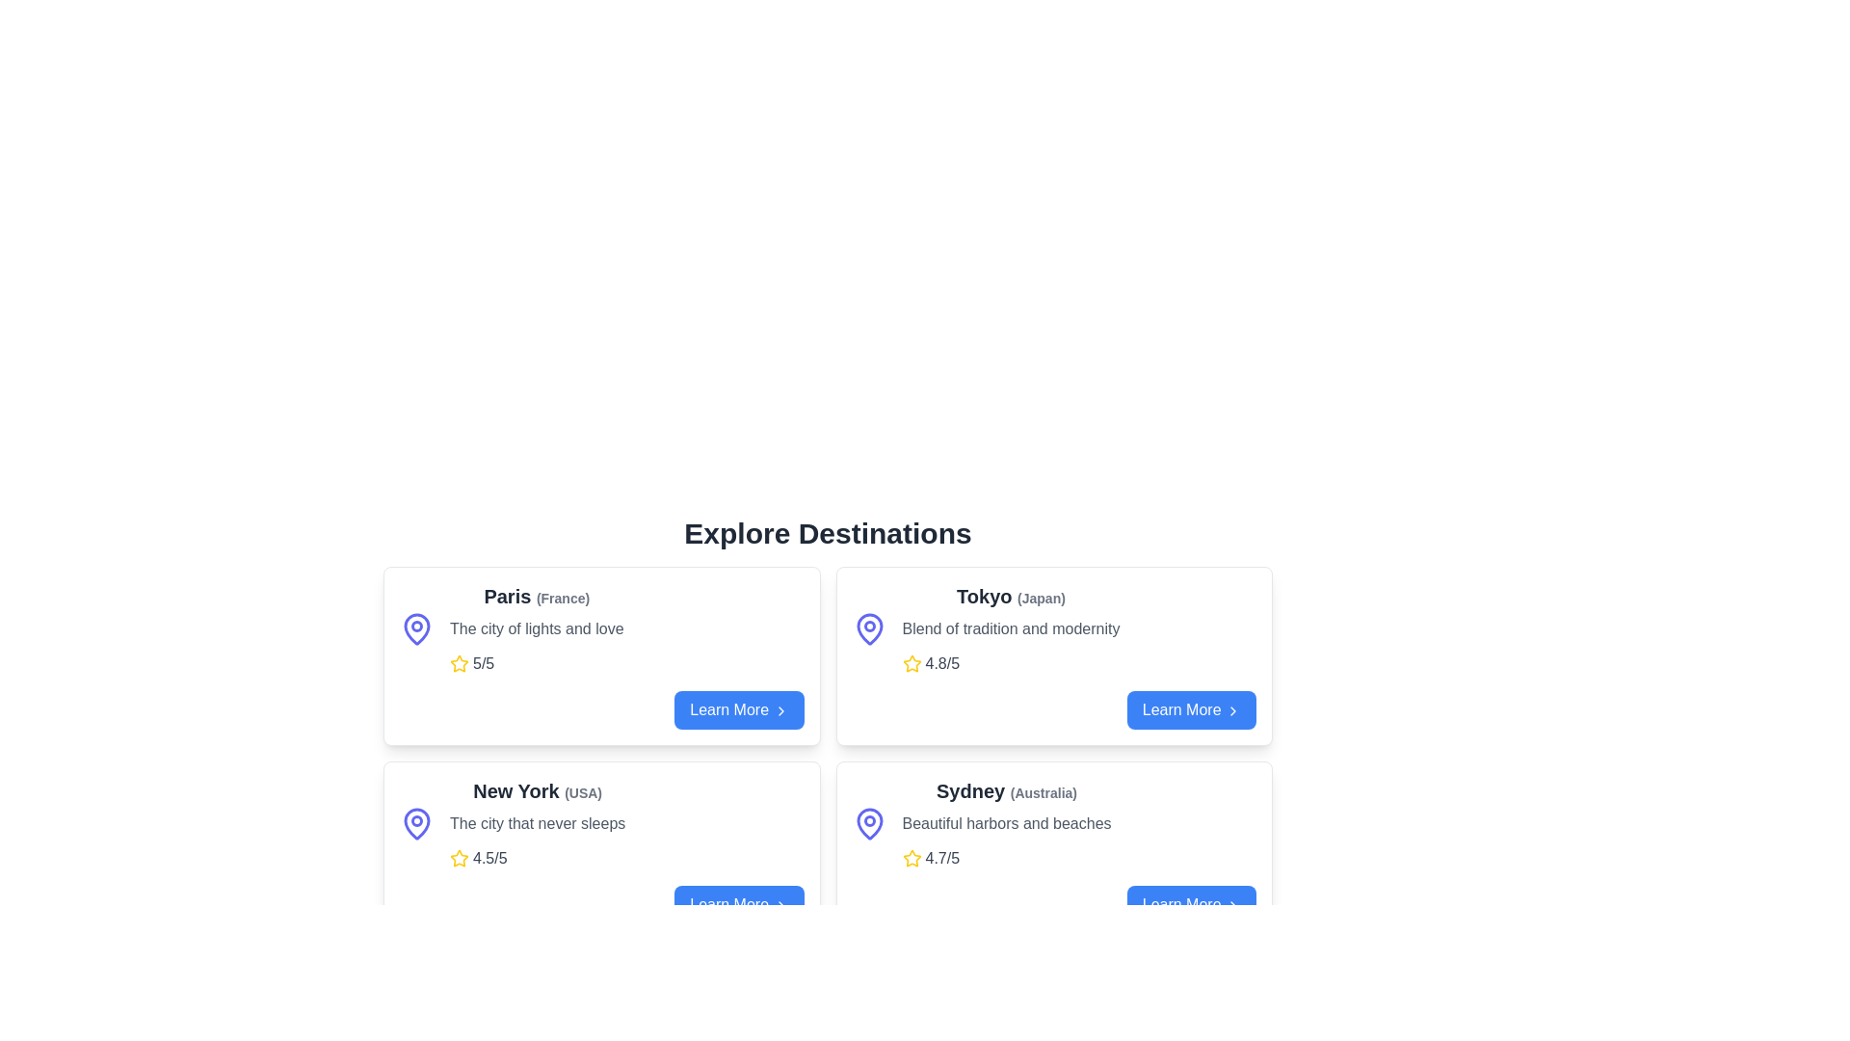  What do you see at coordinates (780, 905) in the screenshot?
I see `the chevron icon located within the 'Learn More' button for 'New York (USA)'` at bounding box center [780, 905].